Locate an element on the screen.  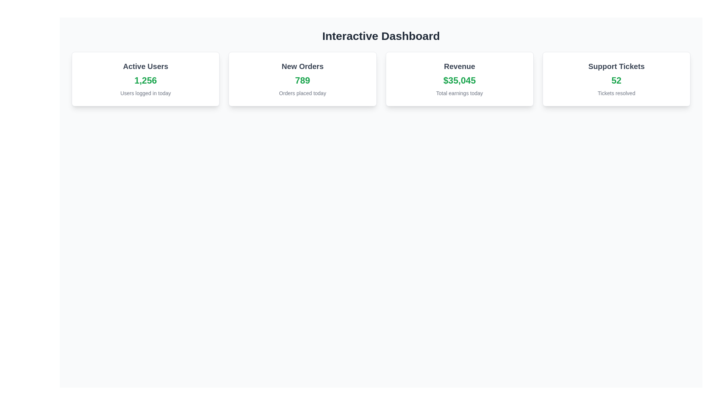
the Information card displaying 'Active Users', which shows the number '1,256' in large green text and is located in the top left corner of the grid layout is located at coordinates (146, 79).